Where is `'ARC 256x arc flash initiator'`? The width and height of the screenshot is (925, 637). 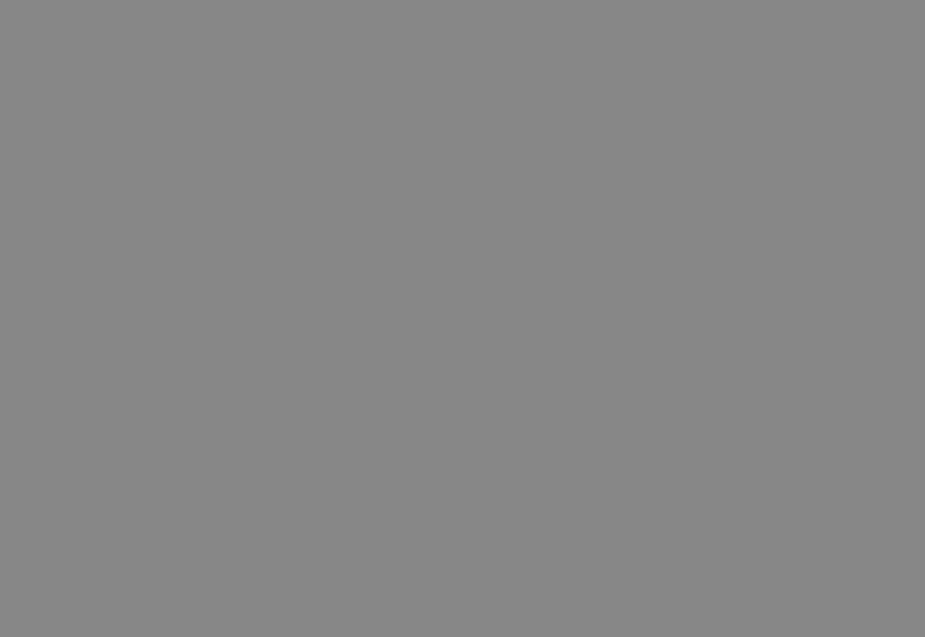 'ARC 256x arc flash initiator' is located at coordinates (162, 215).